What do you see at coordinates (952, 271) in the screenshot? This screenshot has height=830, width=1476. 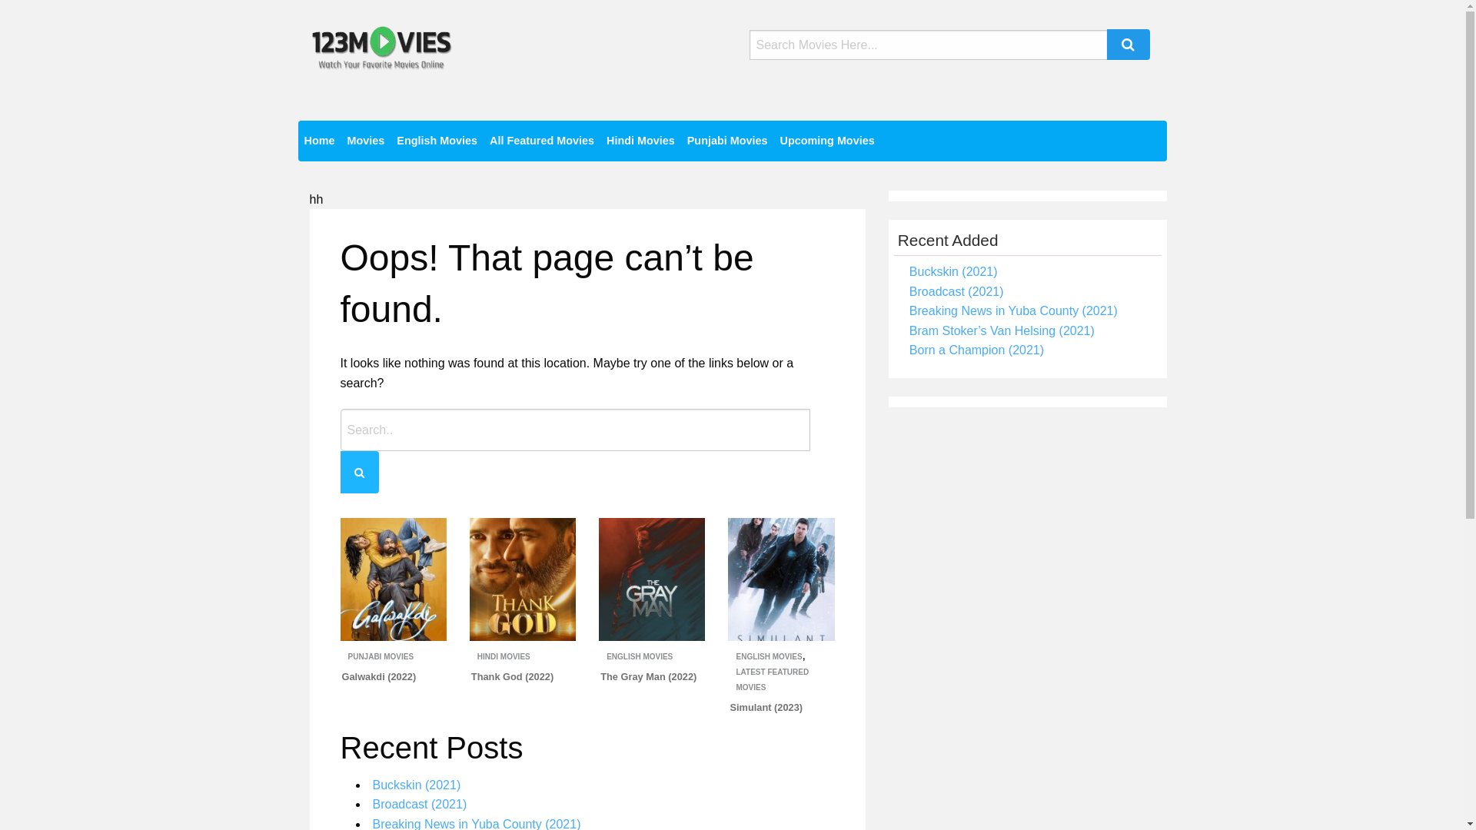 I see `'Buckskin (2021)'` at bounding box center [952, 271].